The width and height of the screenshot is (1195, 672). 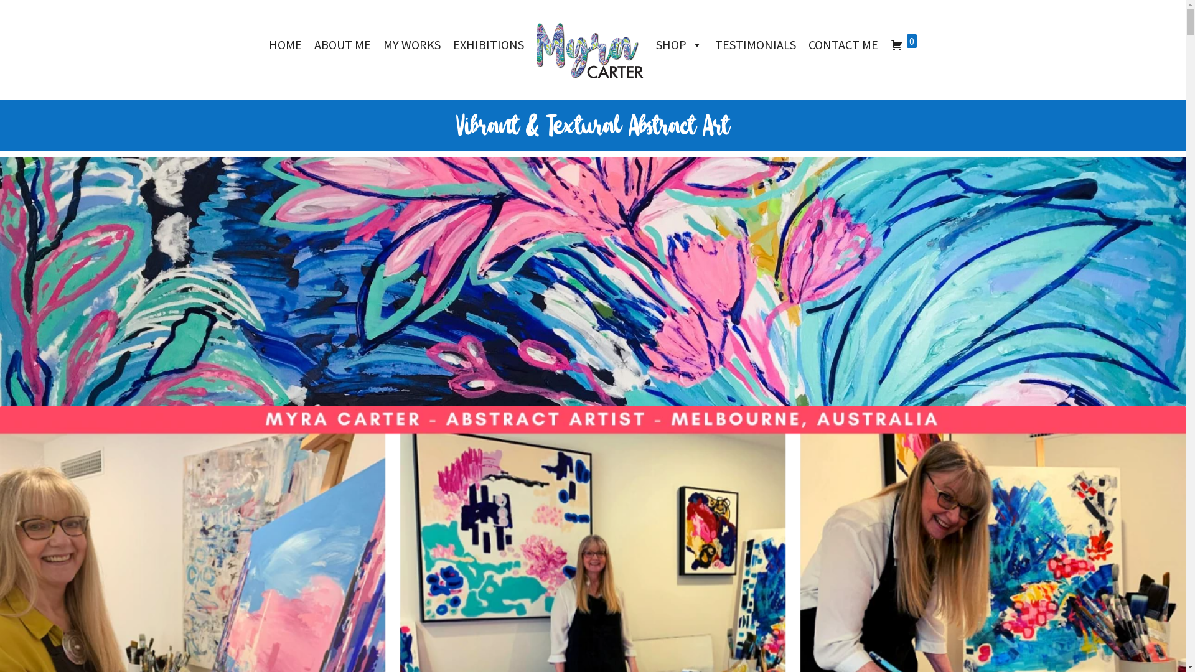 What do you see at coordinates (755, 44) in the screenshot?
I see `'TESTIMONIALS'` at bounding box center [755, 44].